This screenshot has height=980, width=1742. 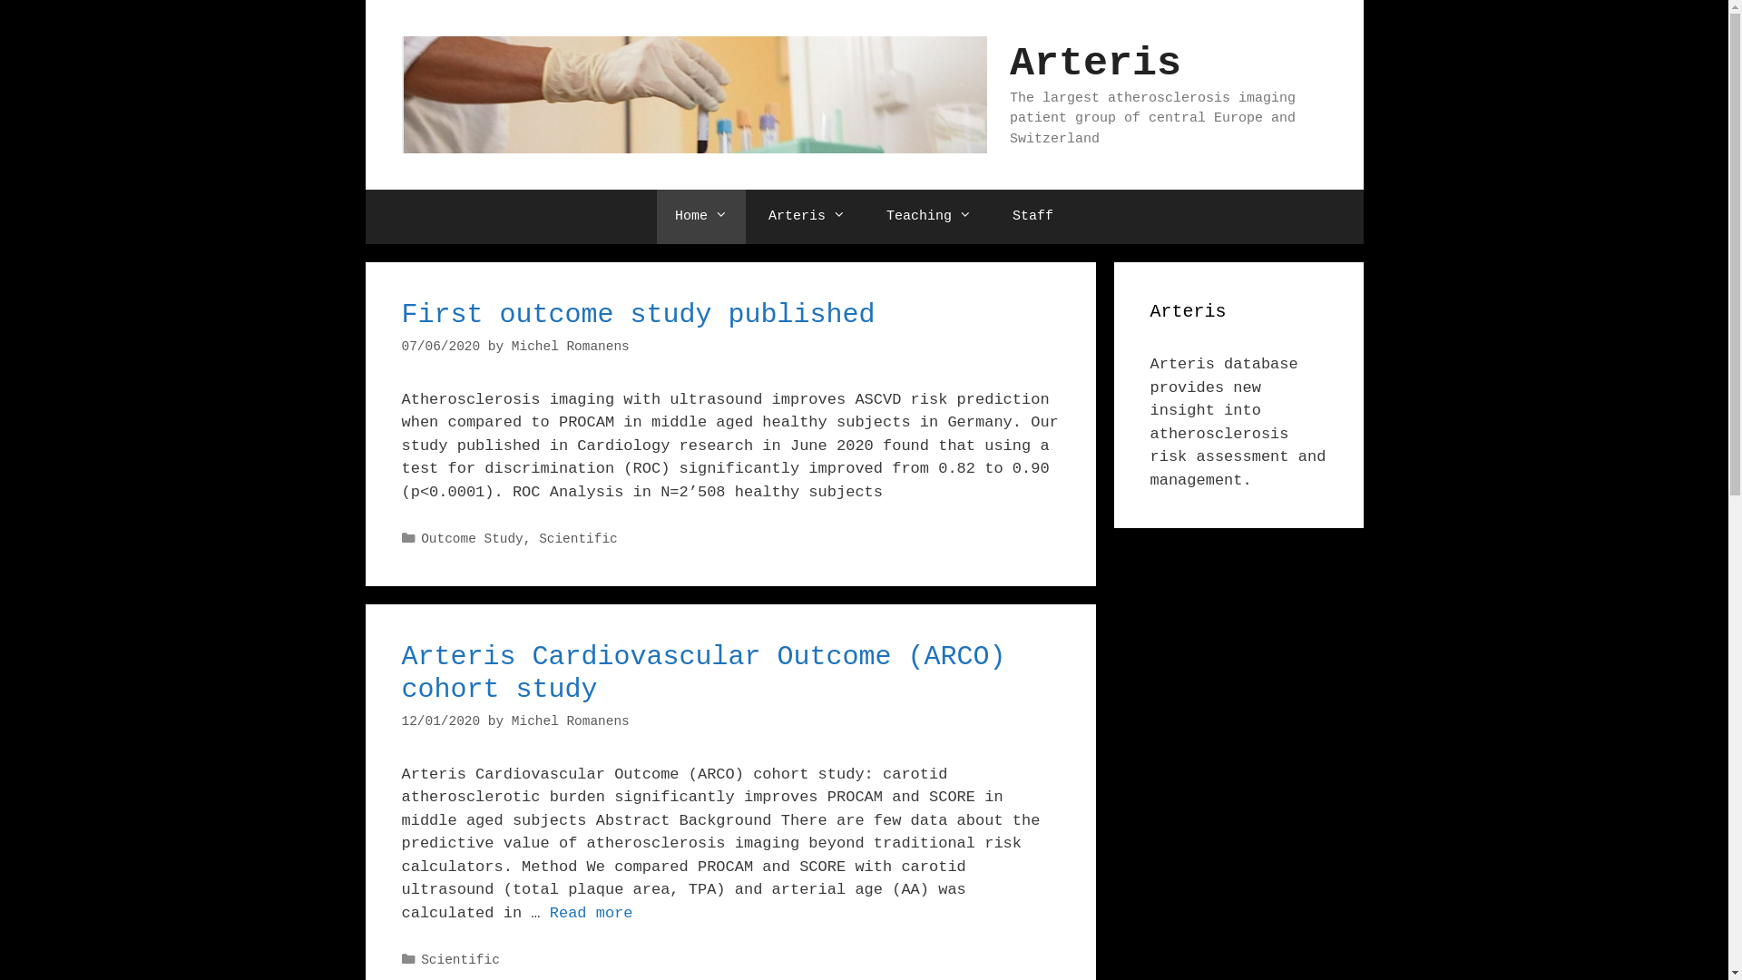 I want to click on 'Outcome Study', so click(x=472, y=538).